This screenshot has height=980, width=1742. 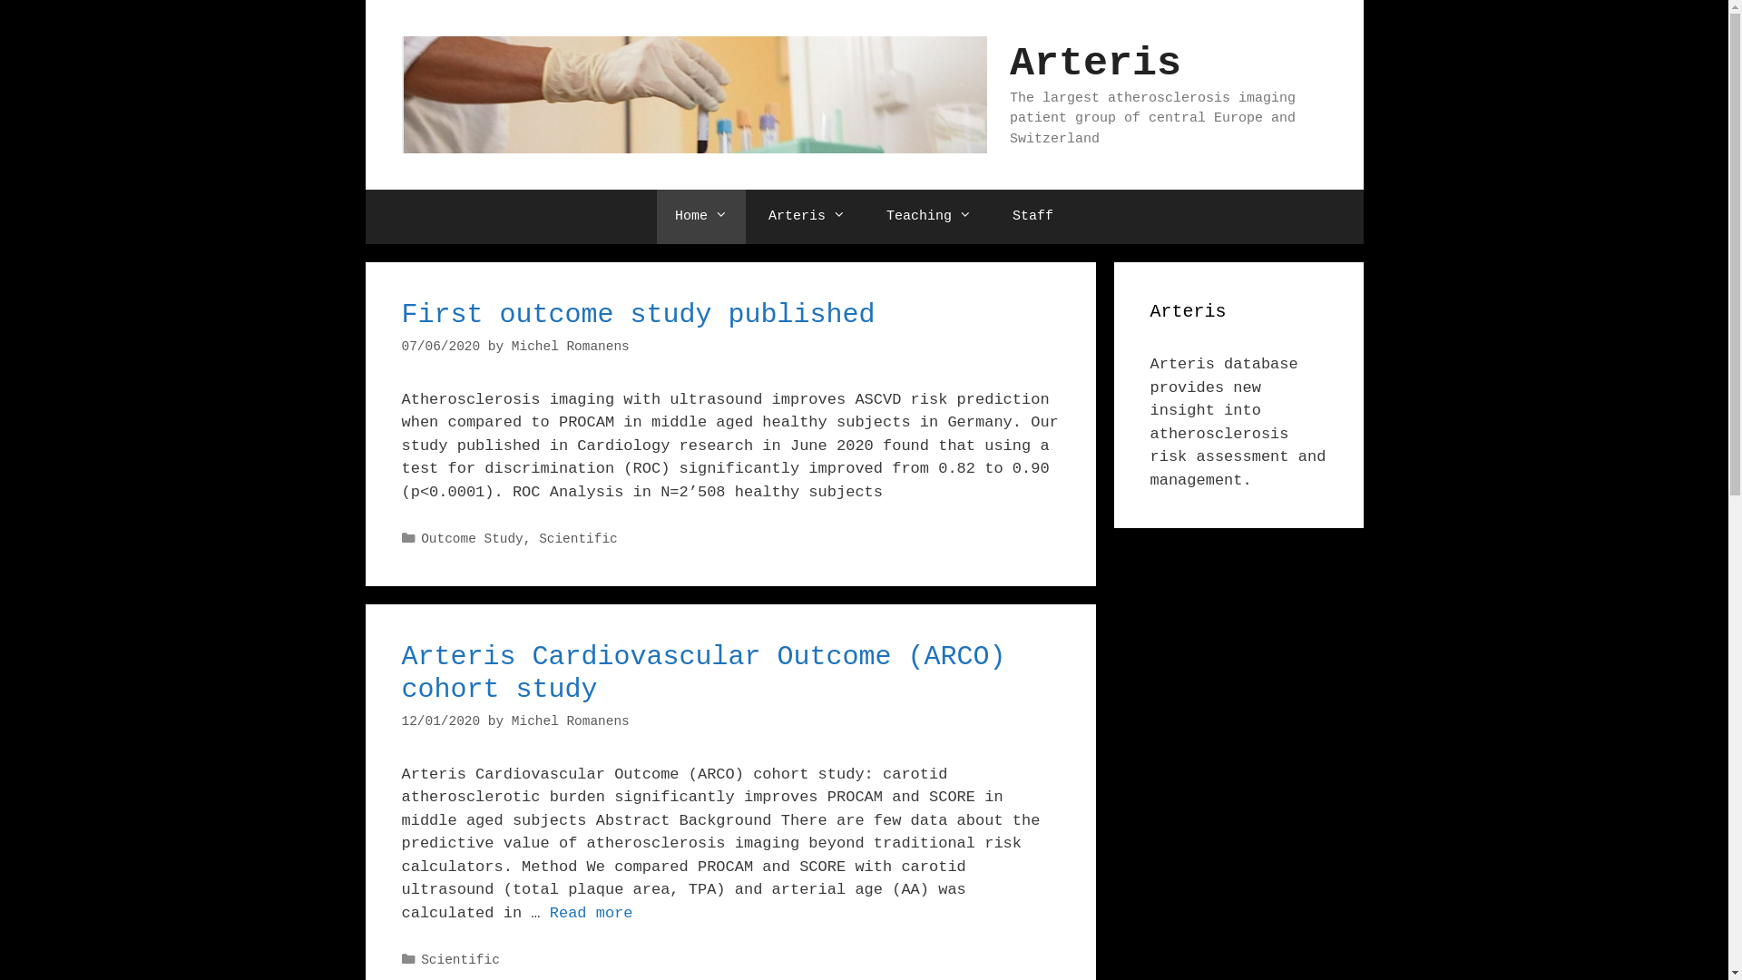 I want to click on 'Outcome Study', so click(x=472, y=538).